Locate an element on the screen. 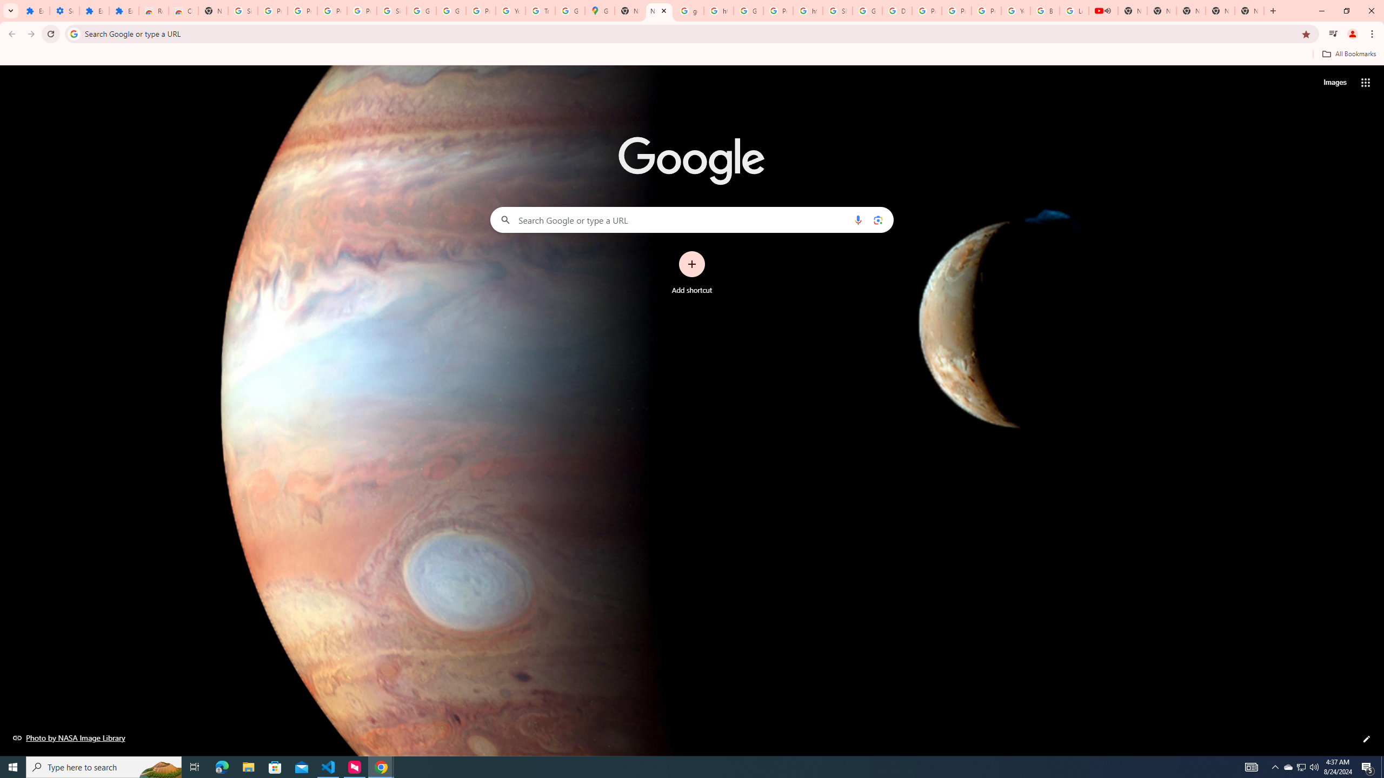  'Extensions' is located at coordinates (123, 10).